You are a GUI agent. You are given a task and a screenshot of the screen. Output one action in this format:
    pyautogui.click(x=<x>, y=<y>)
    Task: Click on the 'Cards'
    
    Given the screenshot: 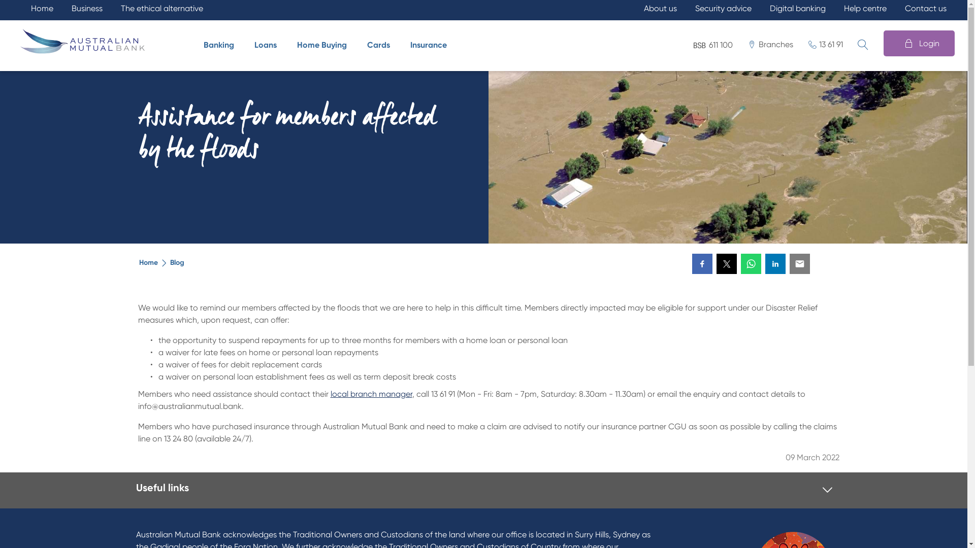 What is the action you would take?
    pyautogui.click(x=380, y=44)
    